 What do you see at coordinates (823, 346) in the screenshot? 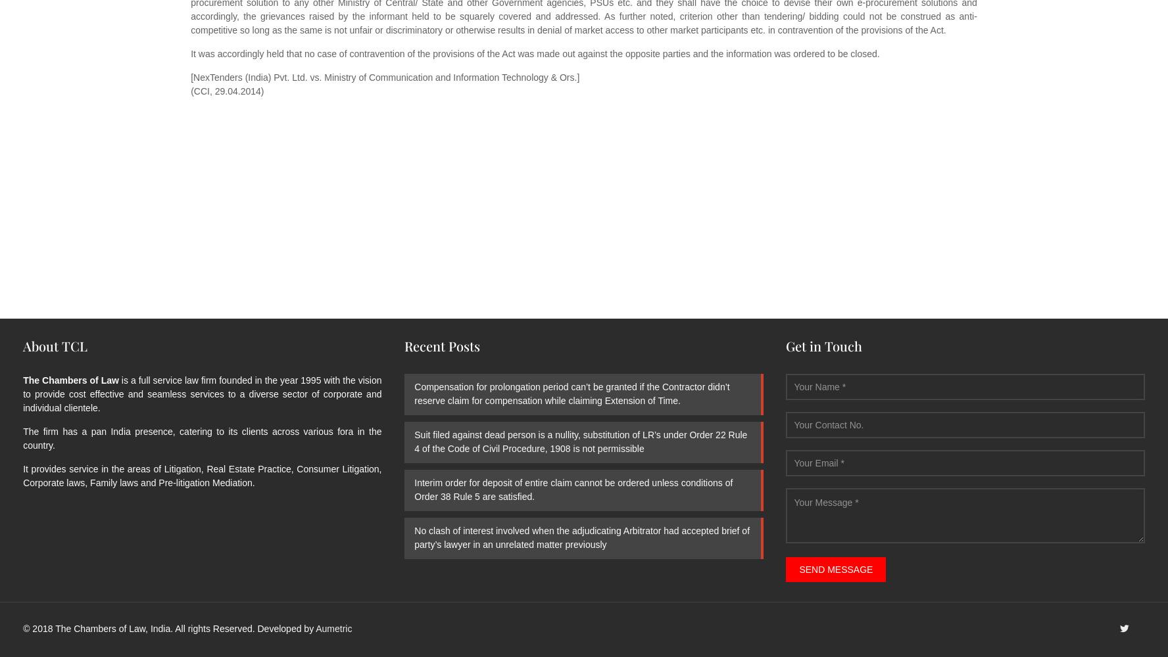
I see `'Get in Touch'` at bounding box center [823, 346].